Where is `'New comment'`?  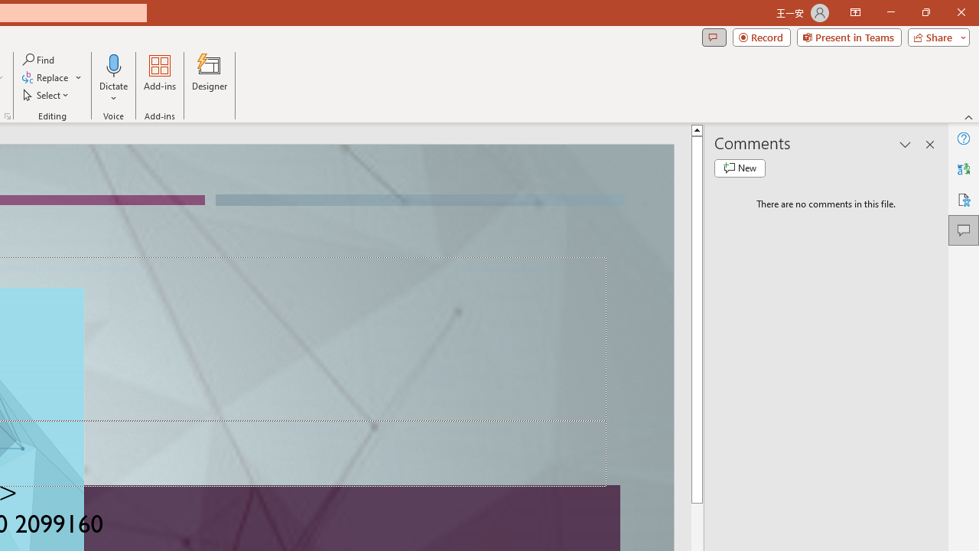
'New comment' is located at coordinates (740, 168).